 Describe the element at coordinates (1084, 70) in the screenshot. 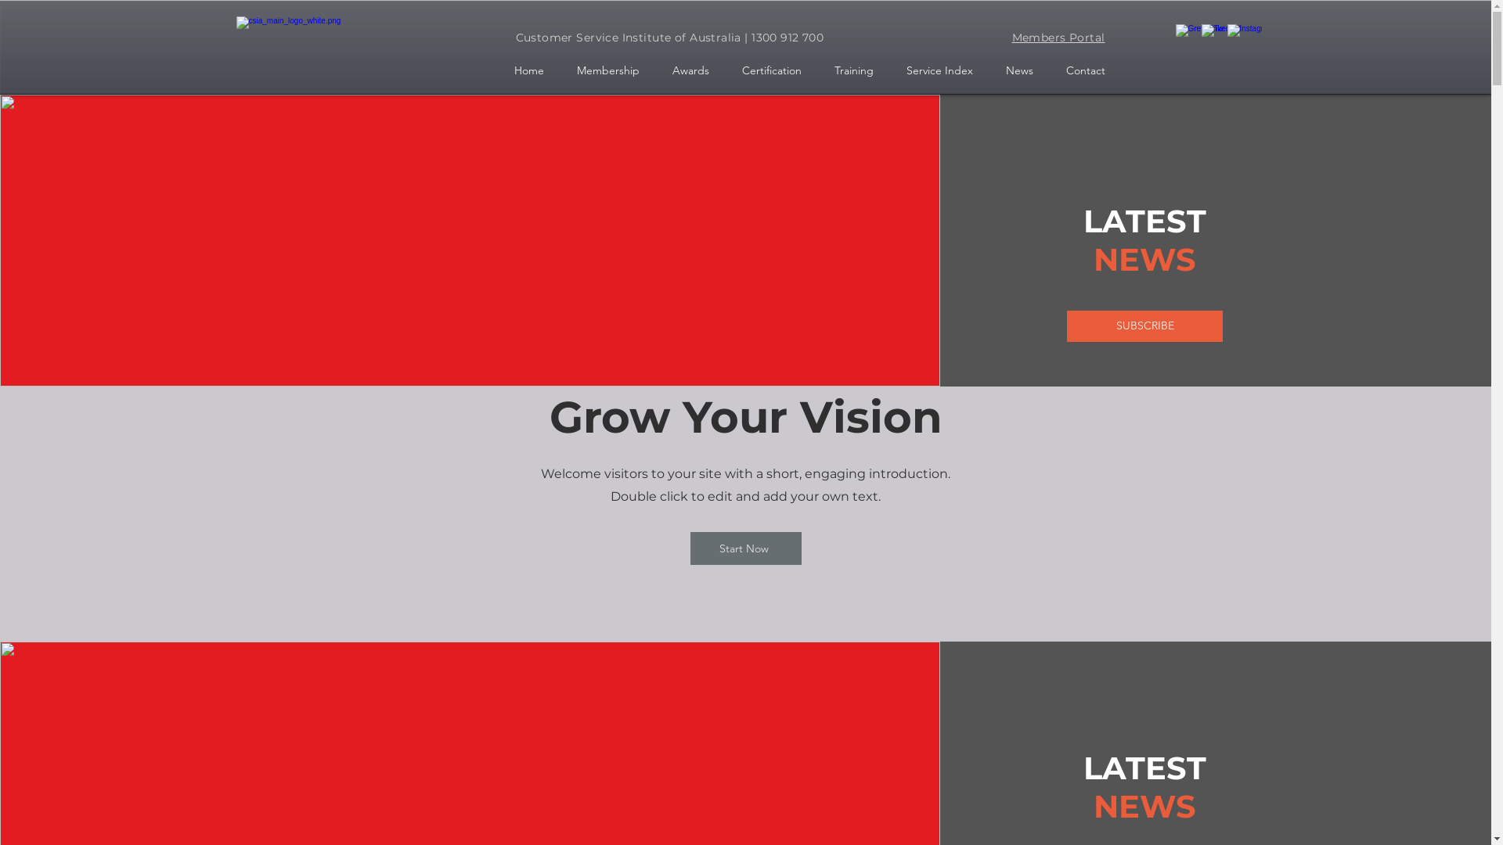

I see `'Contact'` at that location.